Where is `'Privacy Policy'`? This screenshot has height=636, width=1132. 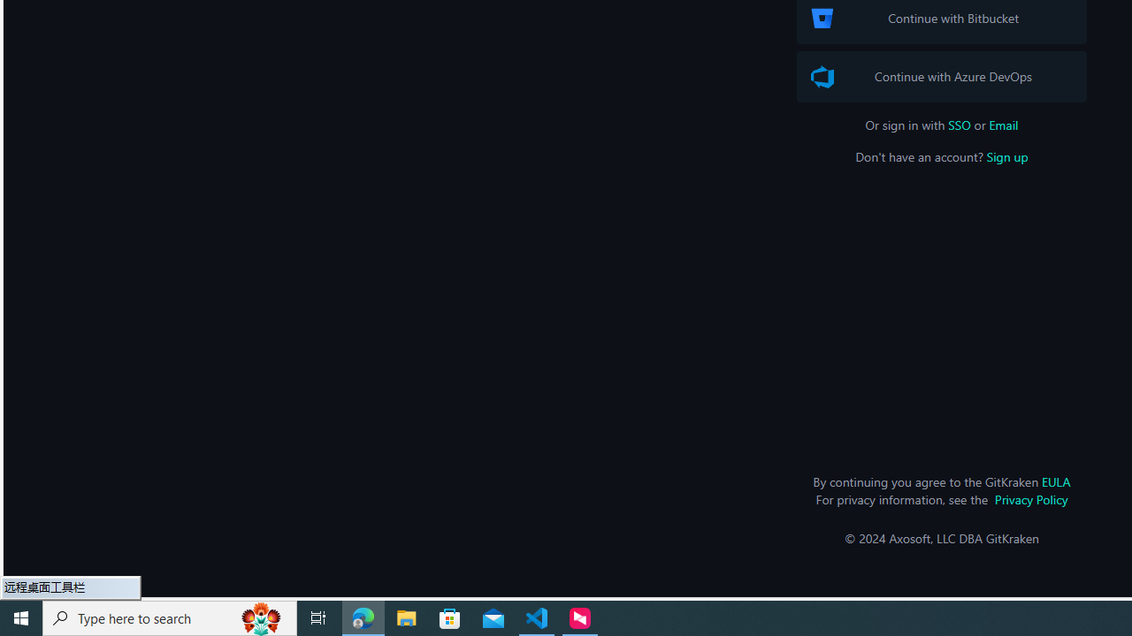
'Privacy Policy' is located at coordinates (1031, 499).